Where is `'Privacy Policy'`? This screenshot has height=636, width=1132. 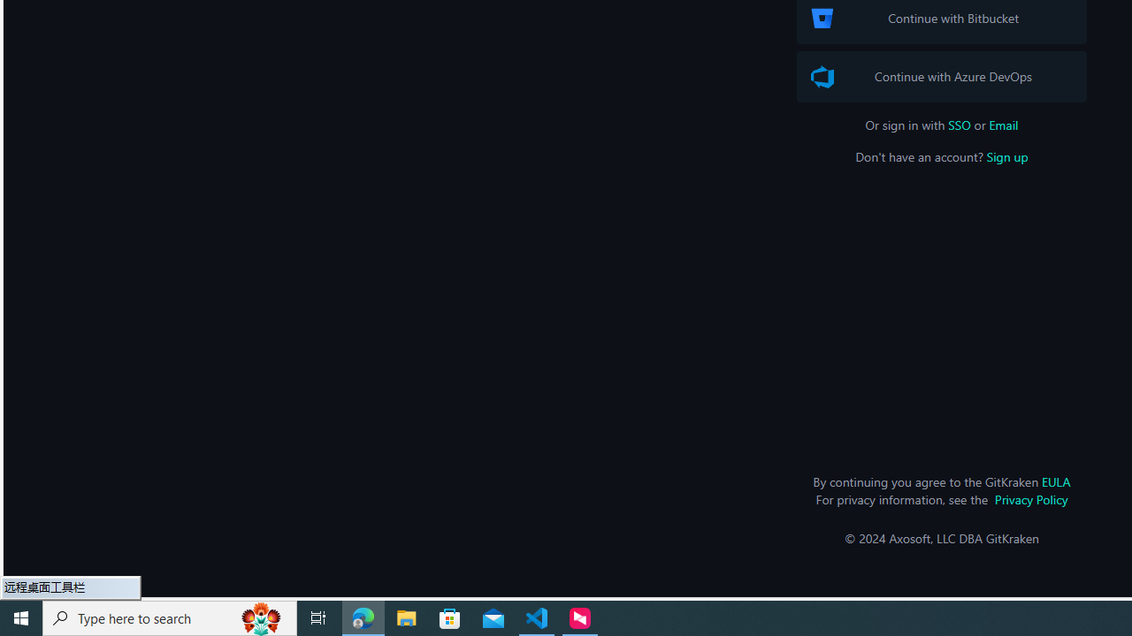
'Privacy Policy' is located at coordinates (1031, 499).